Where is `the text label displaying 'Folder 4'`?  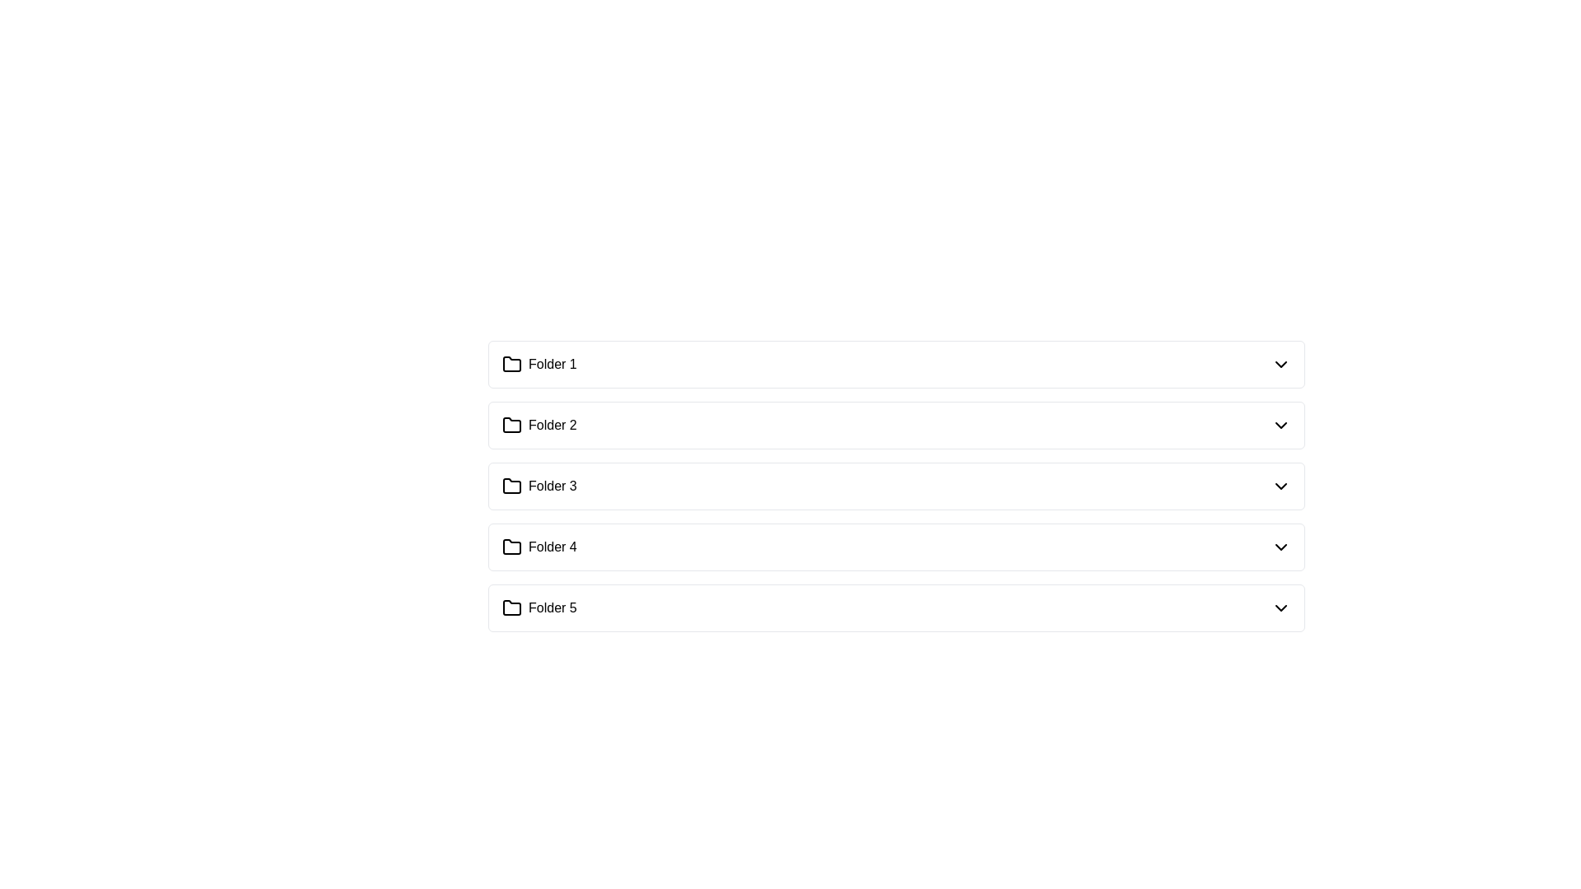
the text label displaying 'Folder 4' is located at coordinates (553, 547).